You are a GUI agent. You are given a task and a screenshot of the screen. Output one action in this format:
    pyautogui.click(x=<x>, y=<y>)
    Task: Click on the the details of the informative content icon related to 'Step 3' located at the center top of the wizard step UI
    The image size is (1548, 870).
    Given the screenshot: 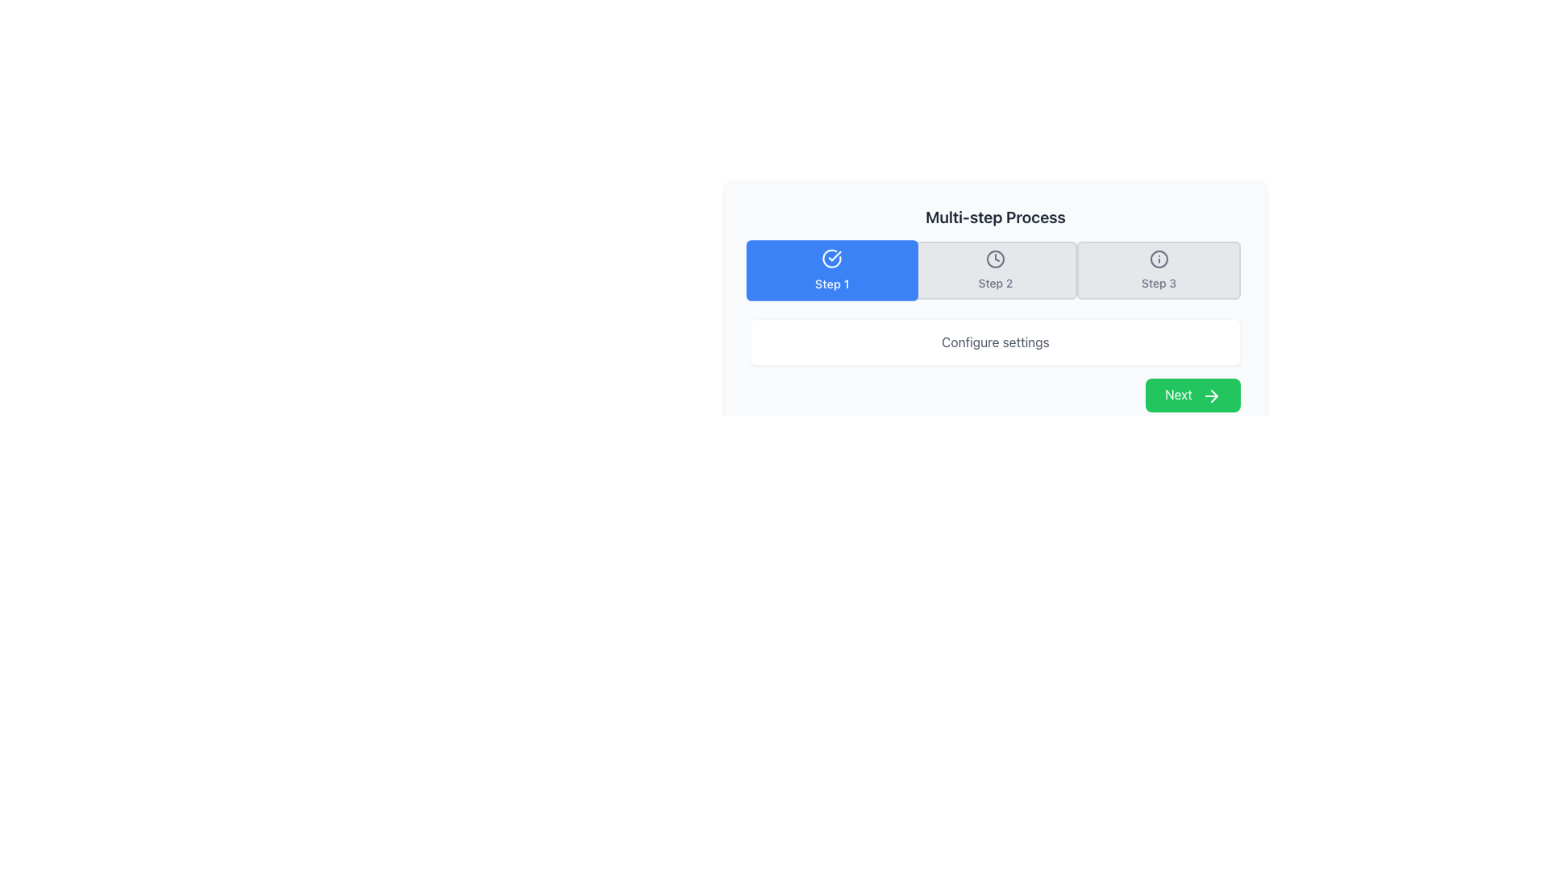 What is the action you would take?
    pyautogui.click(x=1158, y=258)
    